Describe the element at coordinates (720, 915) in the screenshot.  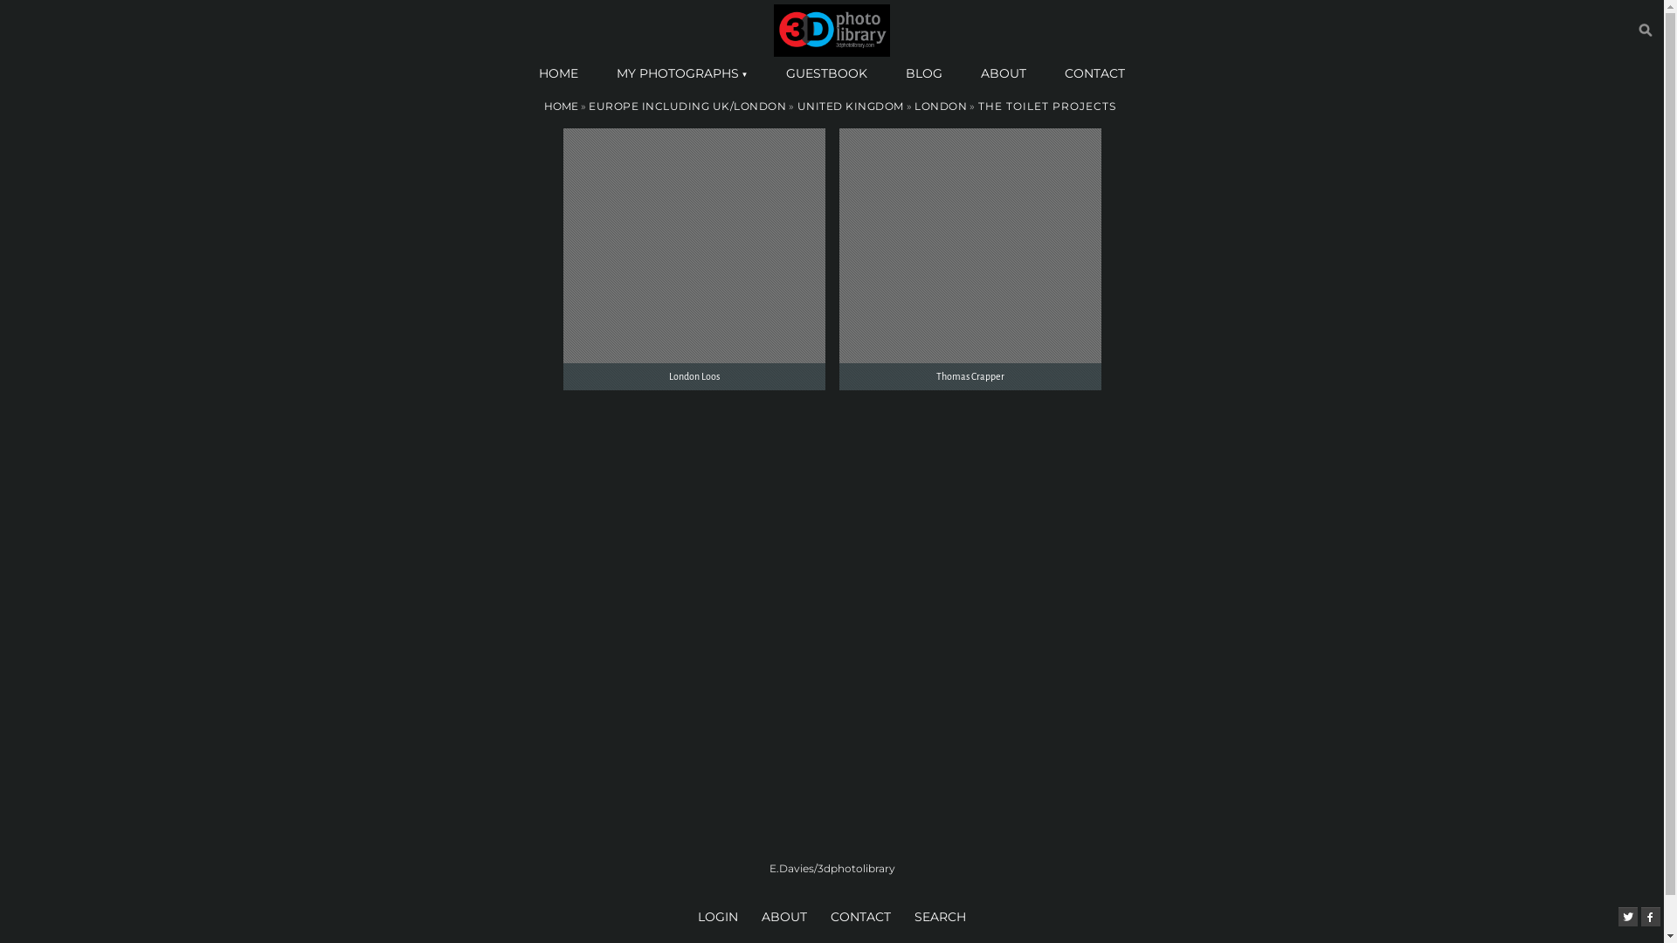
I see `'LOGIN'` at that location.